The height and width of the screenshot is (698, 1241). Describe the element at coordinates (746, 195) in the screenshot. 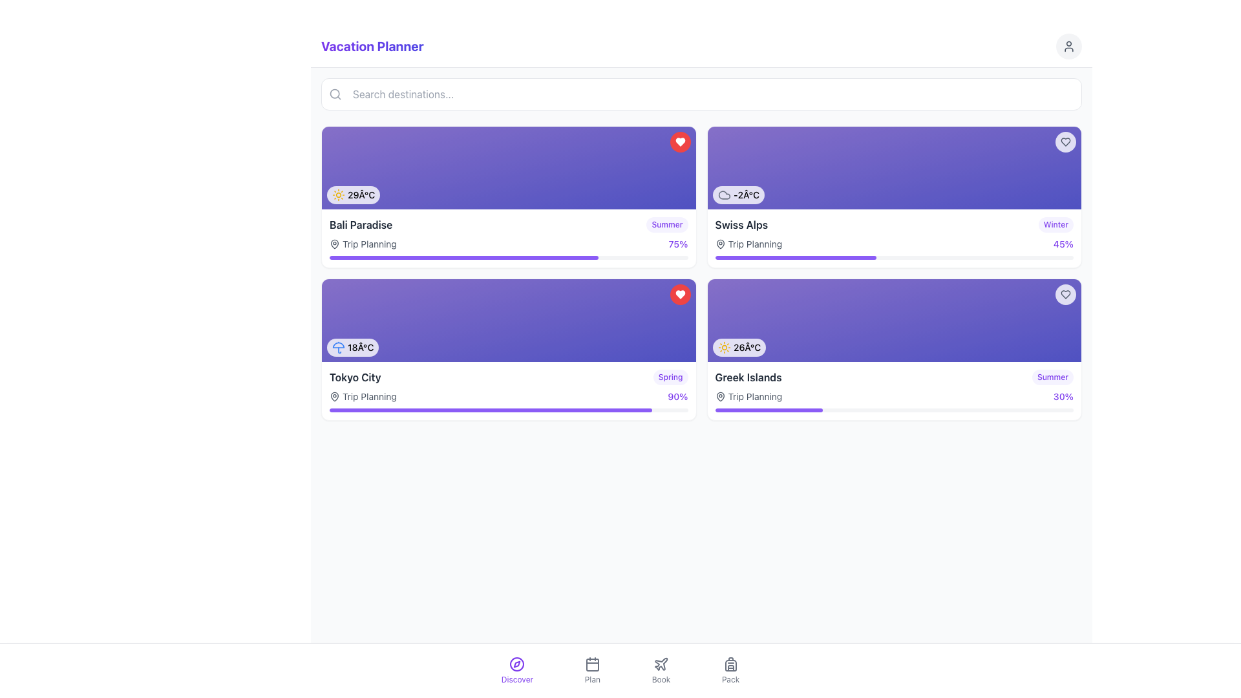

I see `the static text displaying the current temperature in the upper-right card of the grid layout` at that location.